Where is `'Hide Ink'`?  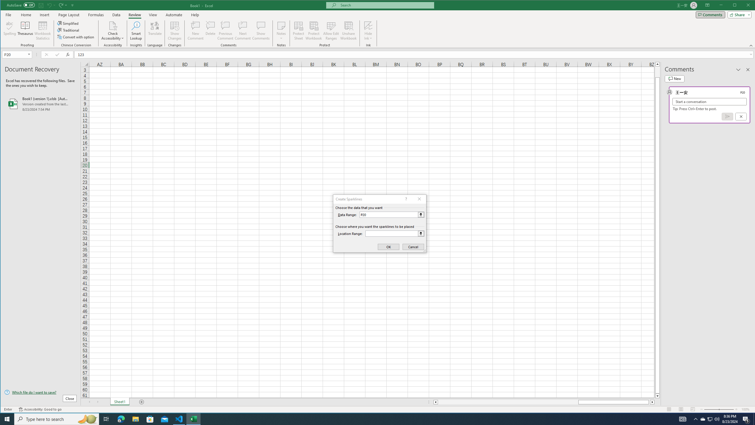 'Hide Ink' is located at coordinates (368, 30).